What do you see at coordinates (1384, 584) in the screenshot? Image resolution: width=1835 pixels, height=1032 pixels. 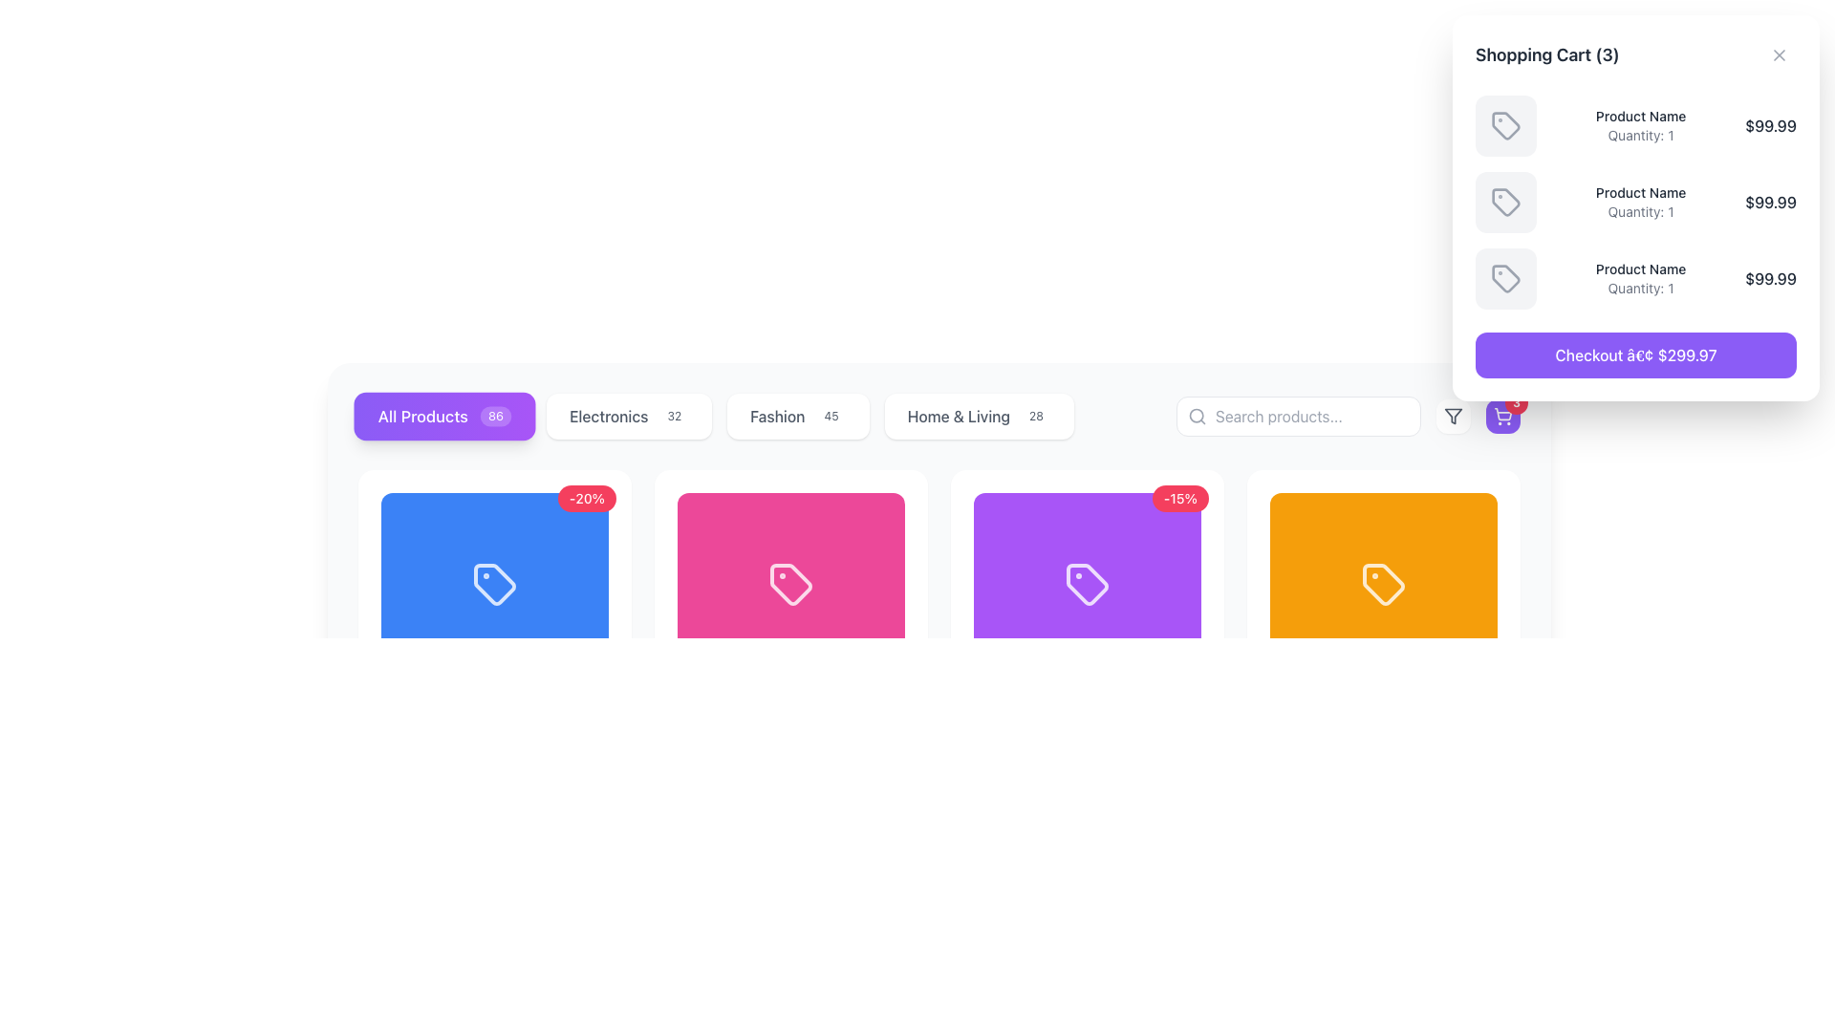 I see `the tag-like icon with a geometric shape outlined in white and a small filled circle near its center, located in the second row of product displays on the far-right side` at bounding box center [1384, 584].